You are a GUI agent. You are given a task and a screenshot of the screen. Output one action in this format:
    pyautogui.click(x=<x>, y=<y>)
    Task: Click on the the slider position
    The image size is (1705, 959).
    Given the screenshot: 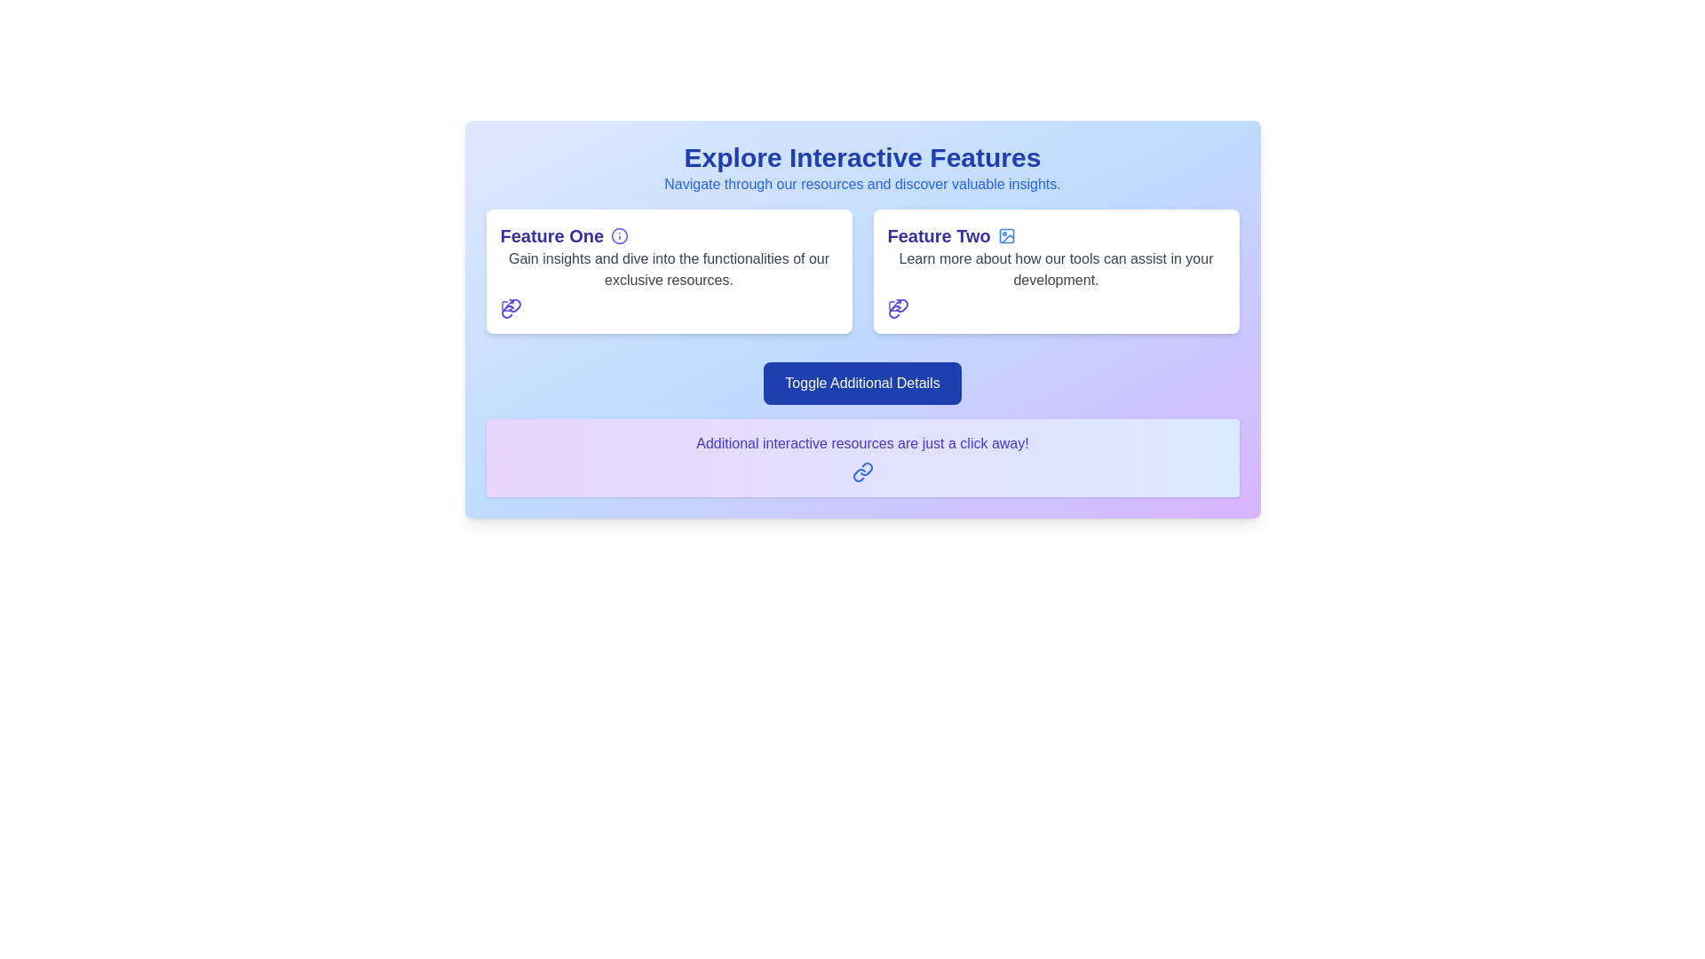 What is the action you would take?
    pyautogui.click(x=1186, y=361)
    